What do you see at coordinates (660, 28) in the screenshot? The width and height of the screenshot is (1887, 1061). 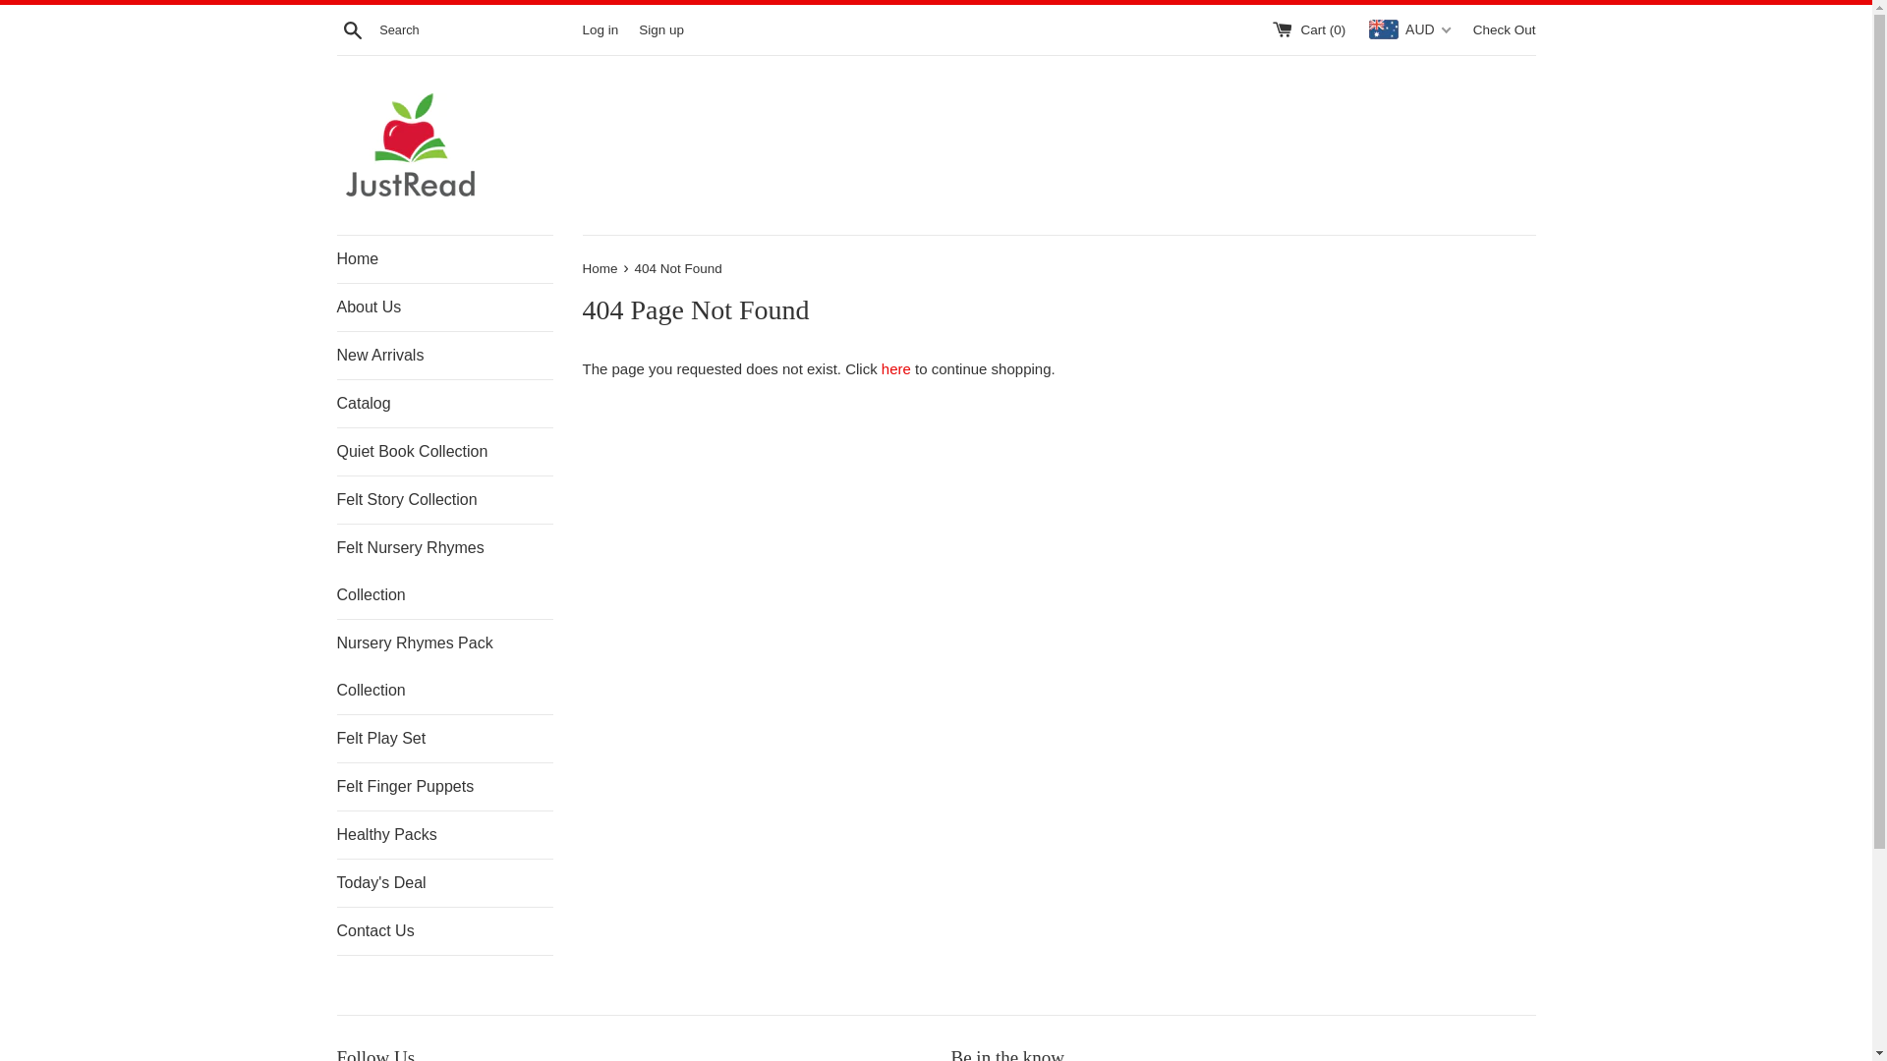 I see `'Sign up'` at bounding box center [660, 28].